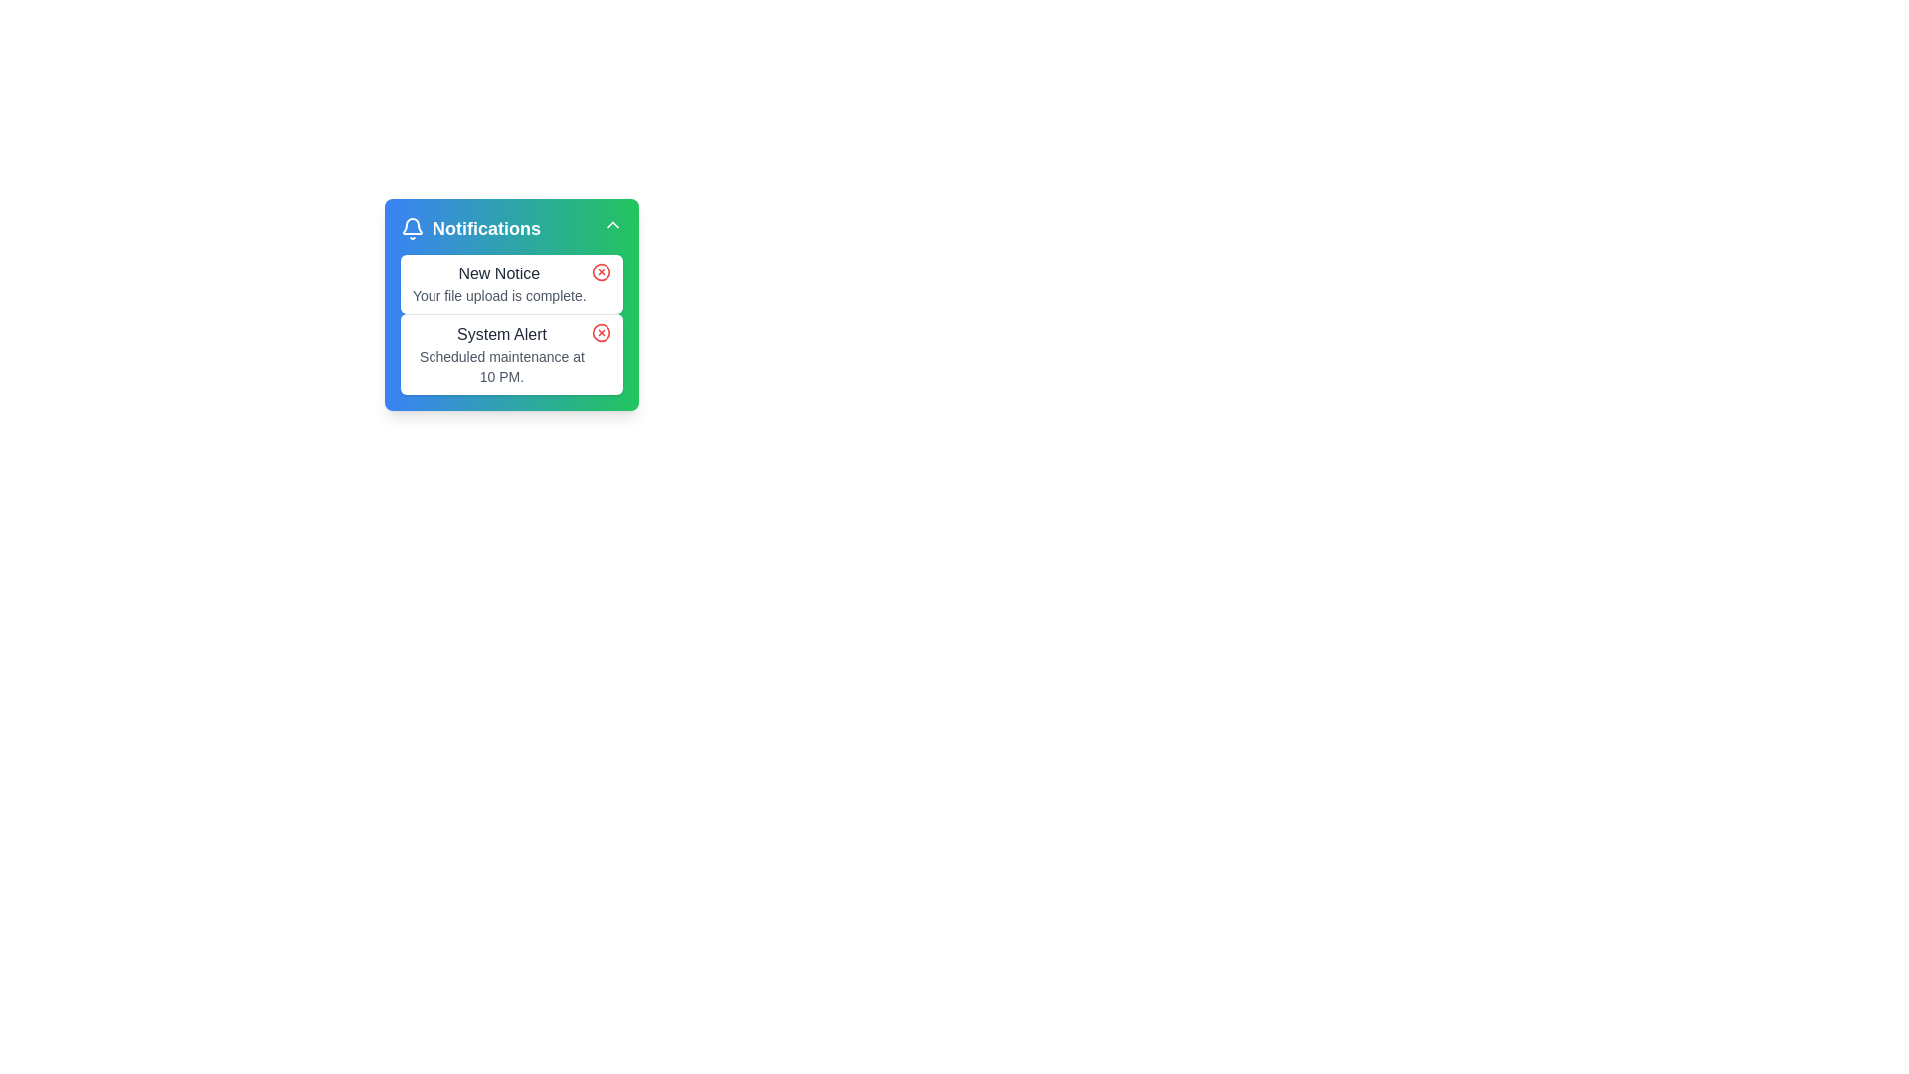 The width and height of the screenshot is (1909, 1074). I want to click on the text component displaying 'Scheduled maintenance at 10 PM.' located under the 'System Alert' heading in the notification box, so click(501, 367).